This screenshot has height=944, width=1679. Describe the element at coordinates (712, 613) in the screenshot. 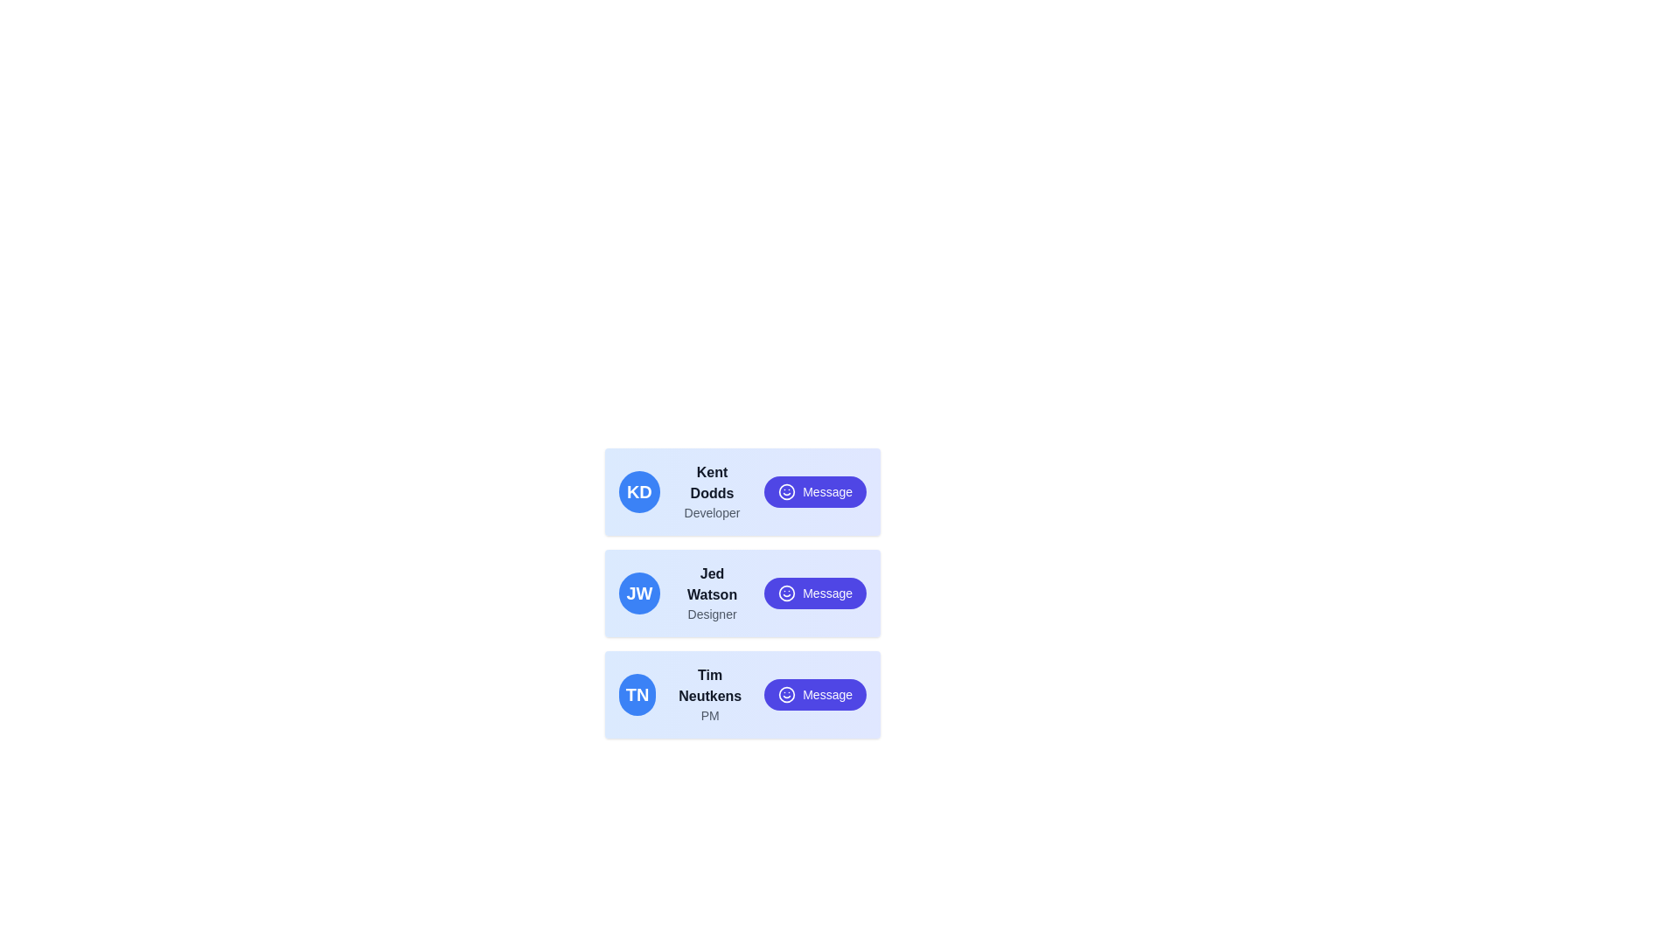

I see `the descriptive label indicating the professional role associated with 'Jed Watson', located below the name in the second card of the user cards list` at that location.